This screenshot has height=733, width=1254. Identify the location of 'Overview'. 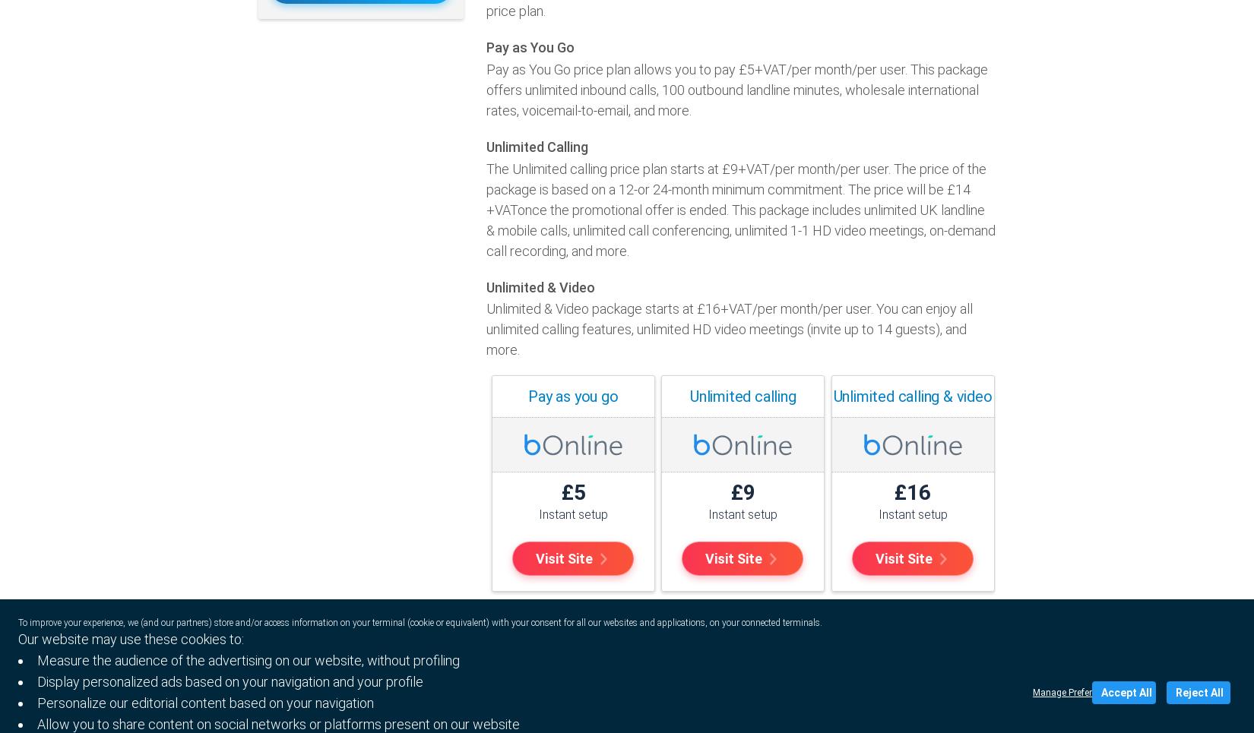
(525, 711).